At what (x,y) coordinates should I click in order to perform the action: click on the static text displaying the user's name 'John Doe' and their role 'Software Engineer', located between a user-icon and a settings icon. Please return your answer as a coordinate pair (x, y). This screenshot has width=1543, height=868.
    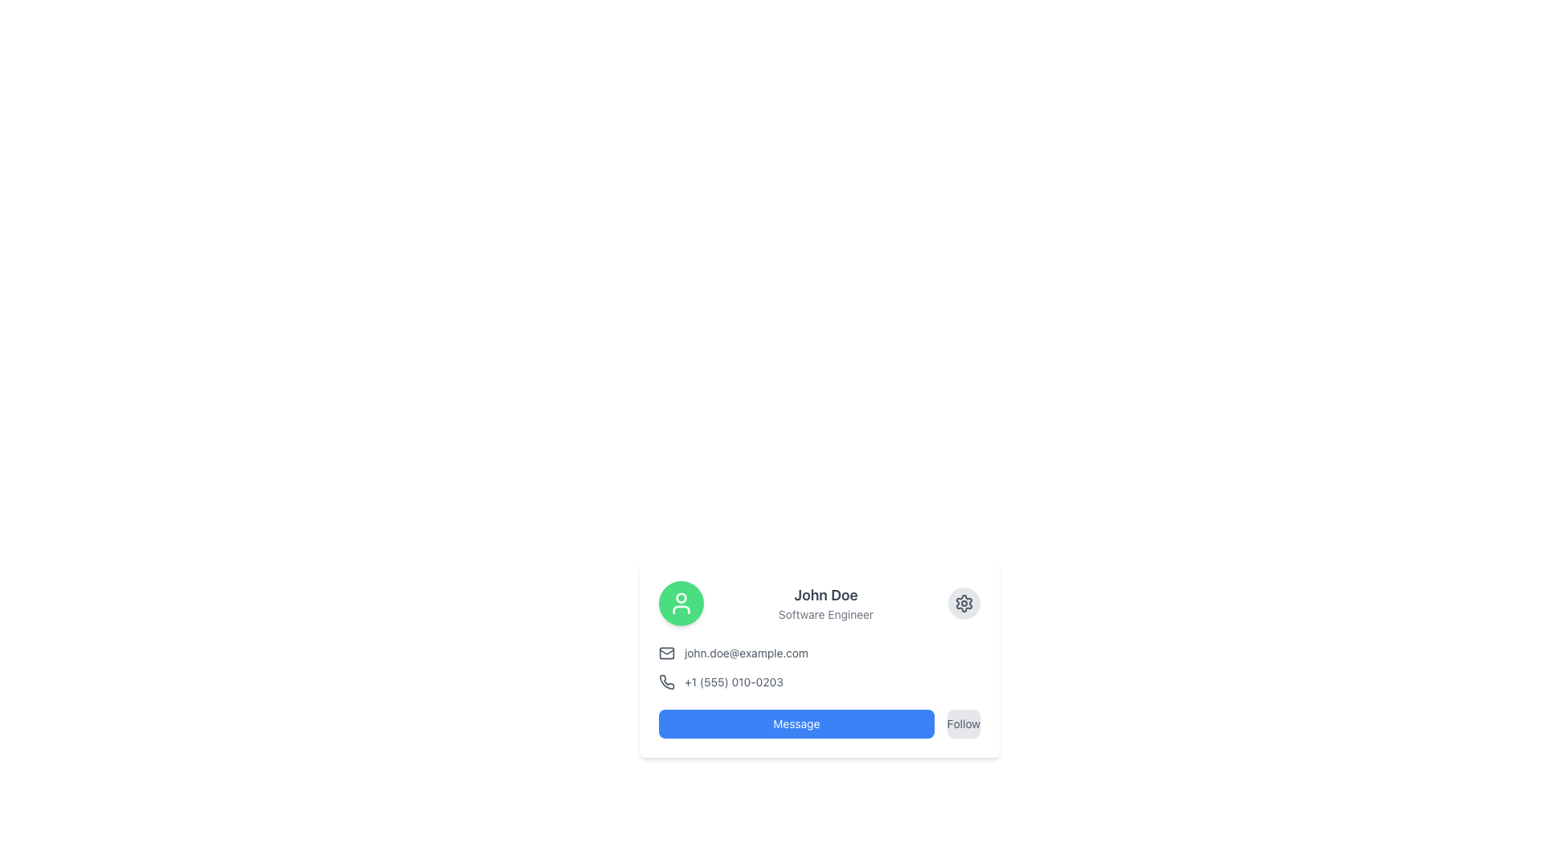
    Looking at the image, I should click on (825, 604).